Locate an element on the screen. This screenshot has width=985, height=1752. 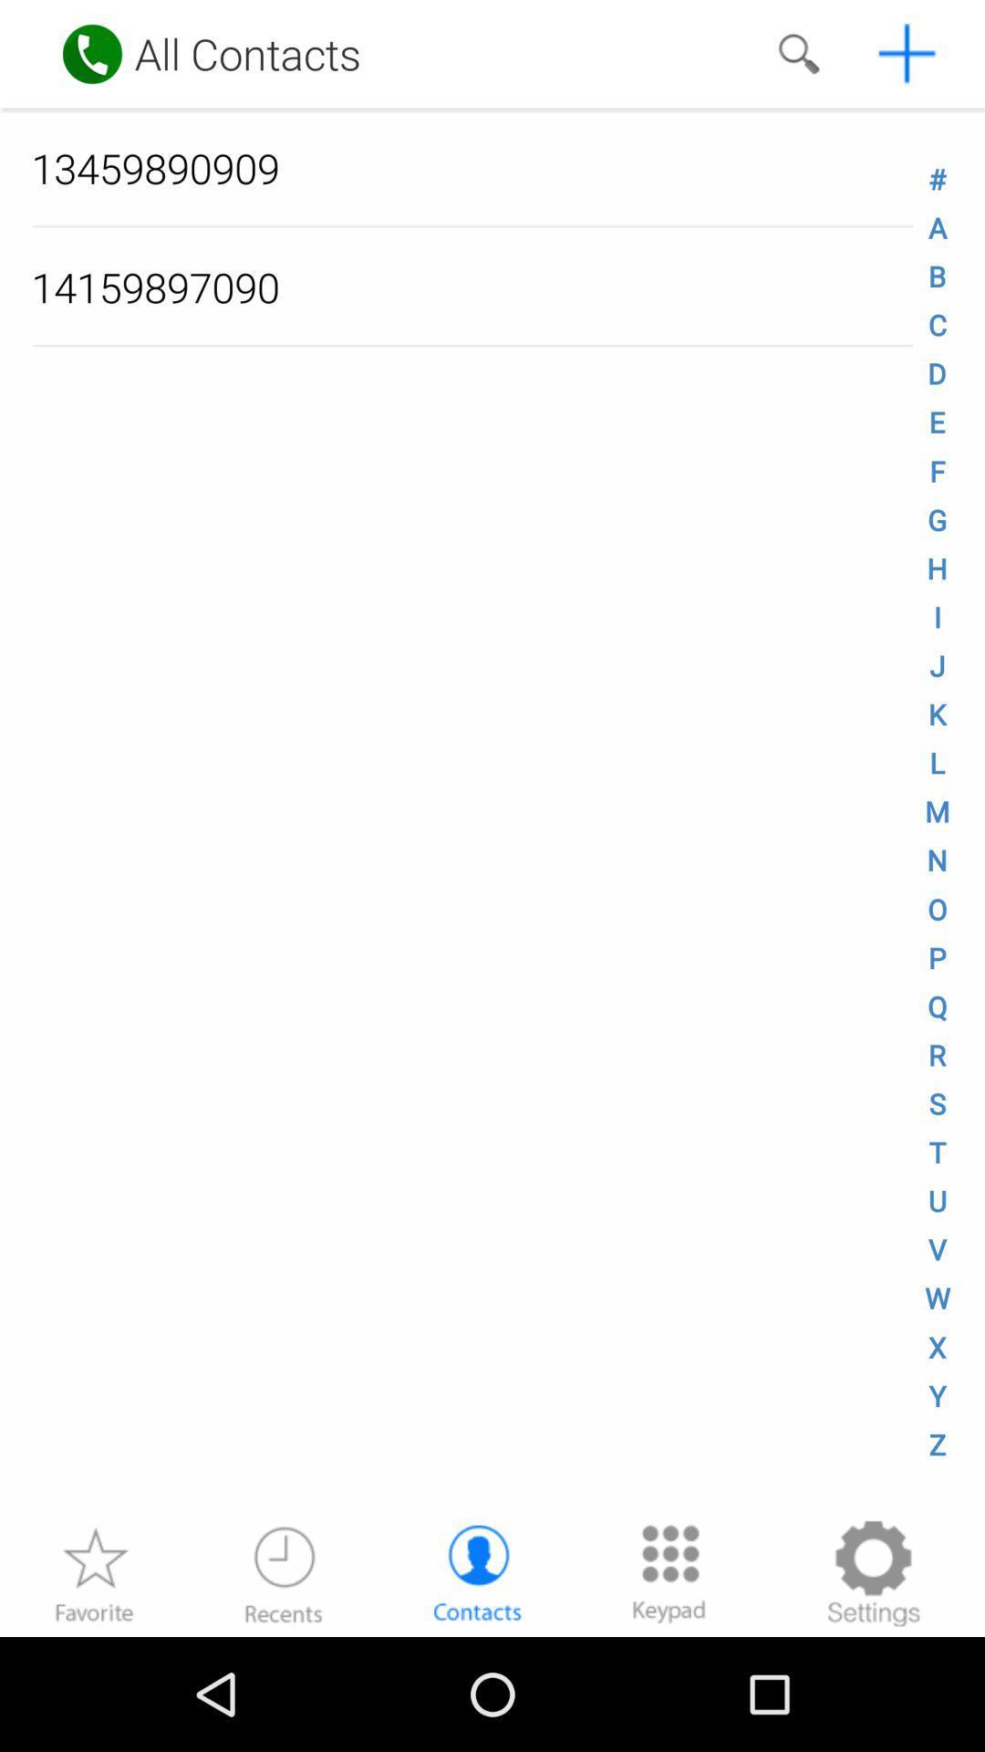
the settings icon is located at coordinates (872, 1683).